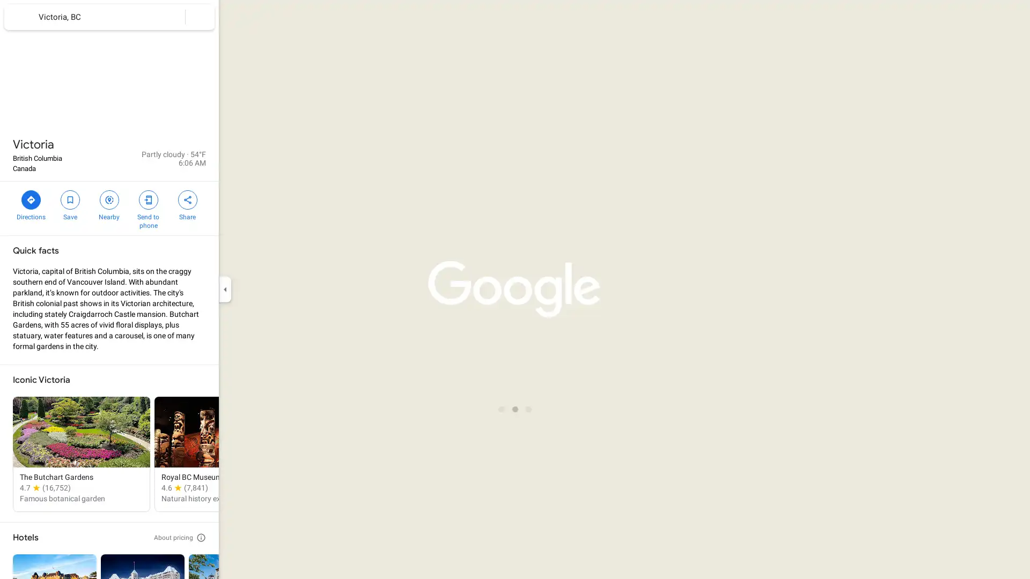 This screenshot has width=1030, height=579. I want to click on Share Victoria, so click(187, 204).